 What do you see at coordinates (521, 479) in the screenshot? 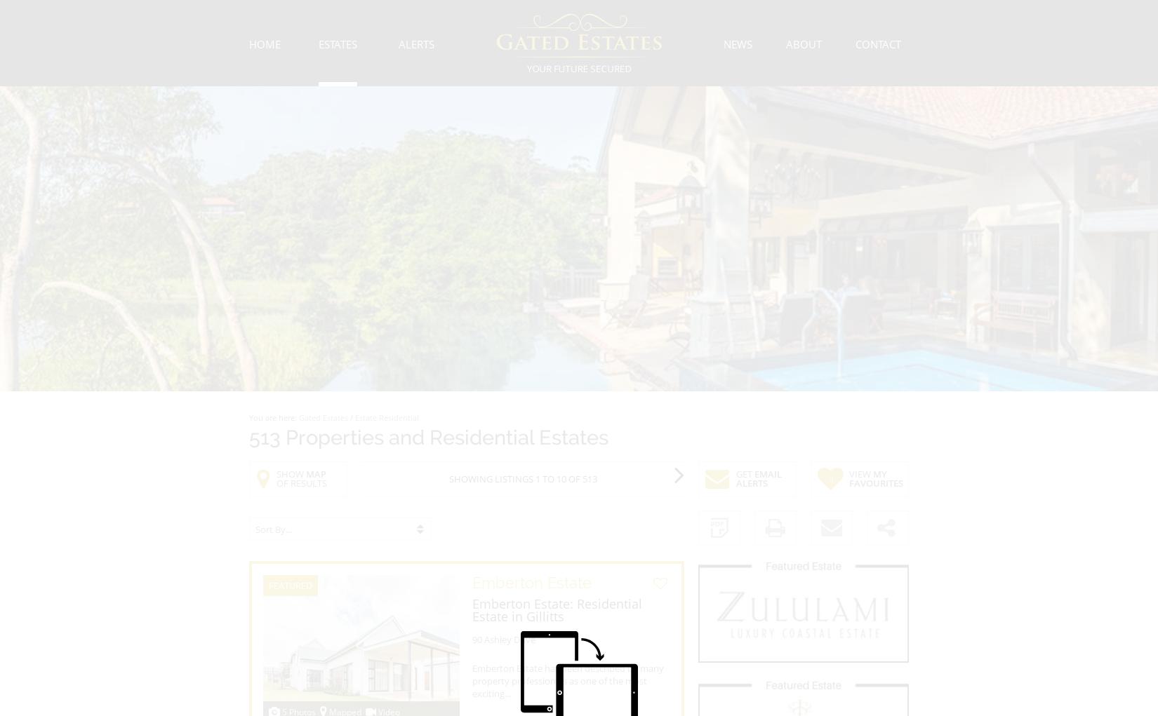
I see `'SHOWING LISTINGS 1 TO 10 OF 513'` at bounding box center [521, 479].